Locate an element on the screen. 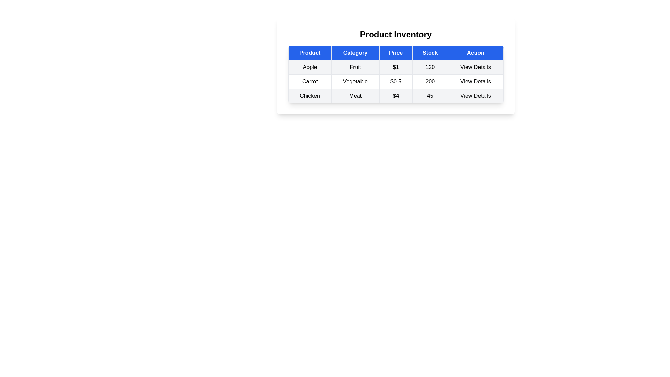 Image resolution: width=670 pixels, height=377 pixels. the column header Category to inspect it is located at coordinates (355, 52).